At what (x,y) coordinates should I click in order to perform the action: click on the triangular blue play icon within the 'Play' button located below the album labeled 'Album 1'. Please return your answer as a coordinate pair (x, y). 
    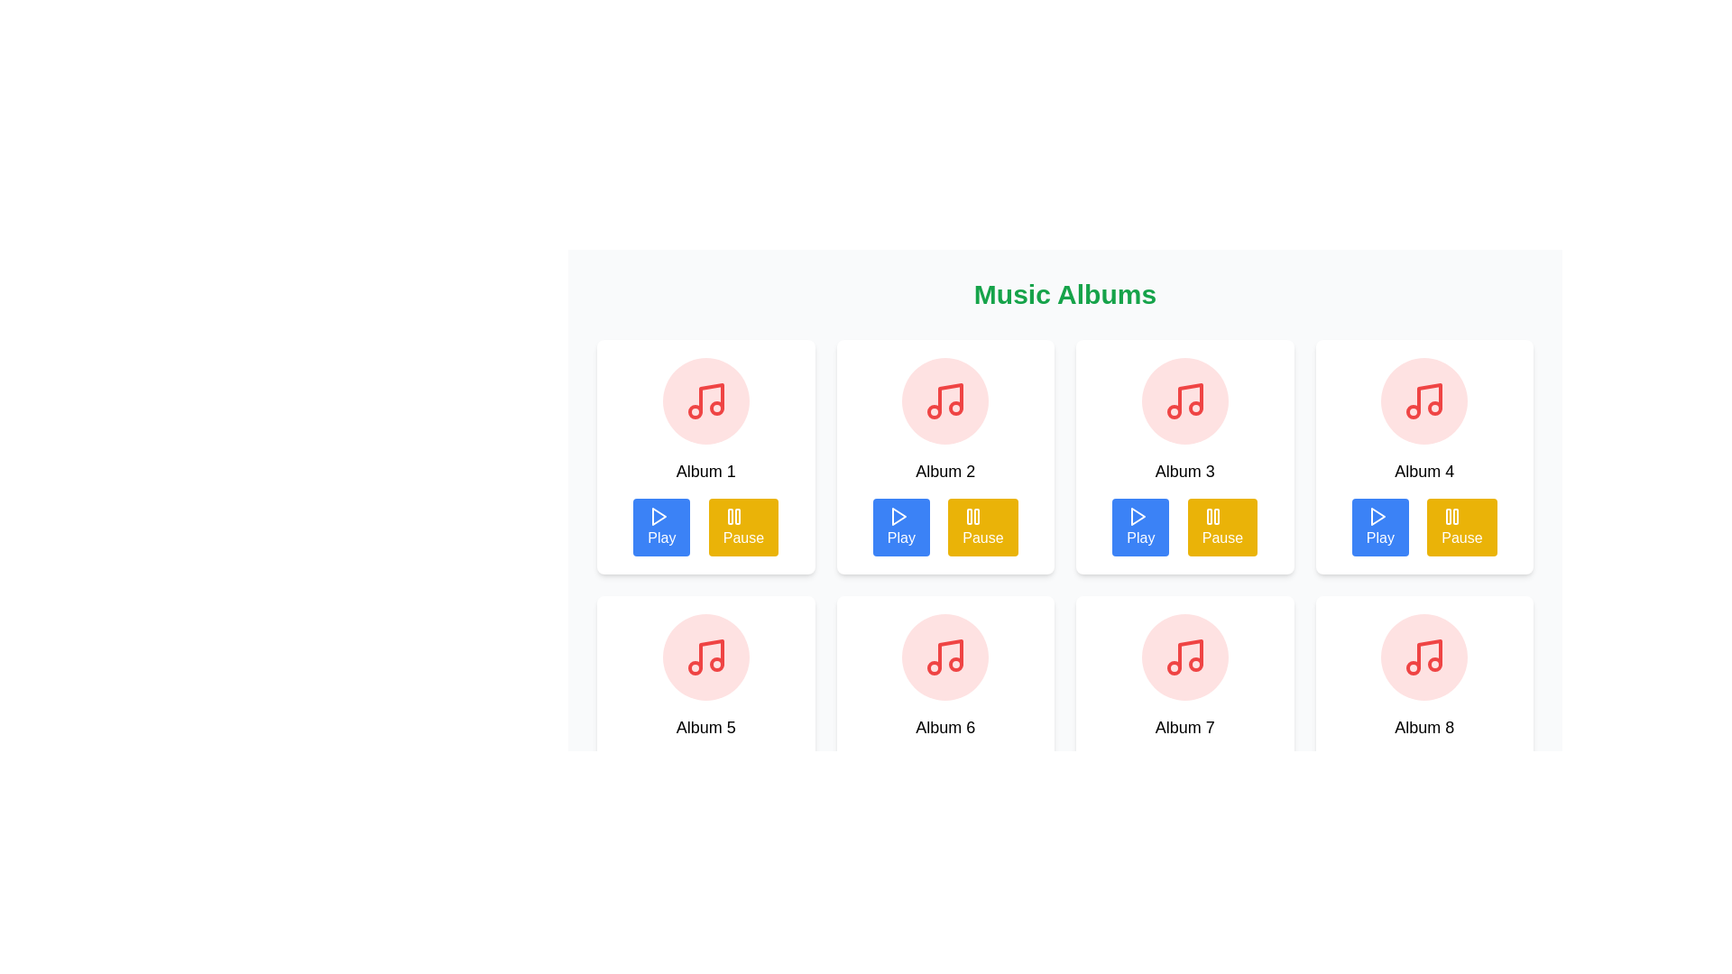
    Looking at the image, I should click on (659, 517).